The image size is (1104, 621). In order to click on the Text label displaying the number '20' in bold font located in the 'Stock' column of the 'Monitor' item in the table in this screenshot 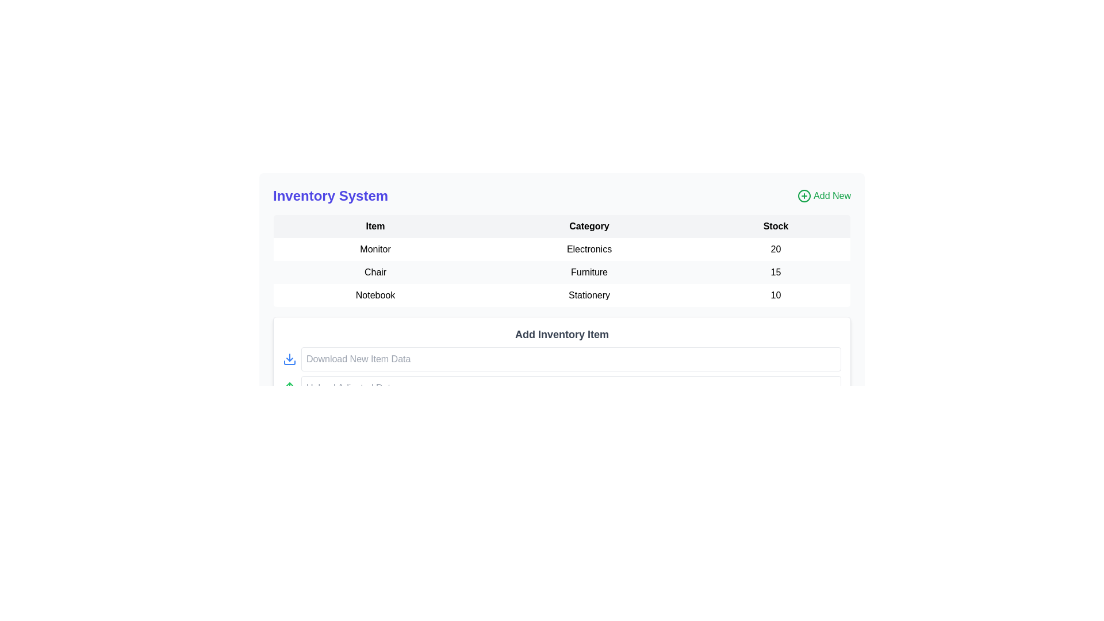, I will do `click(776, 249)`.